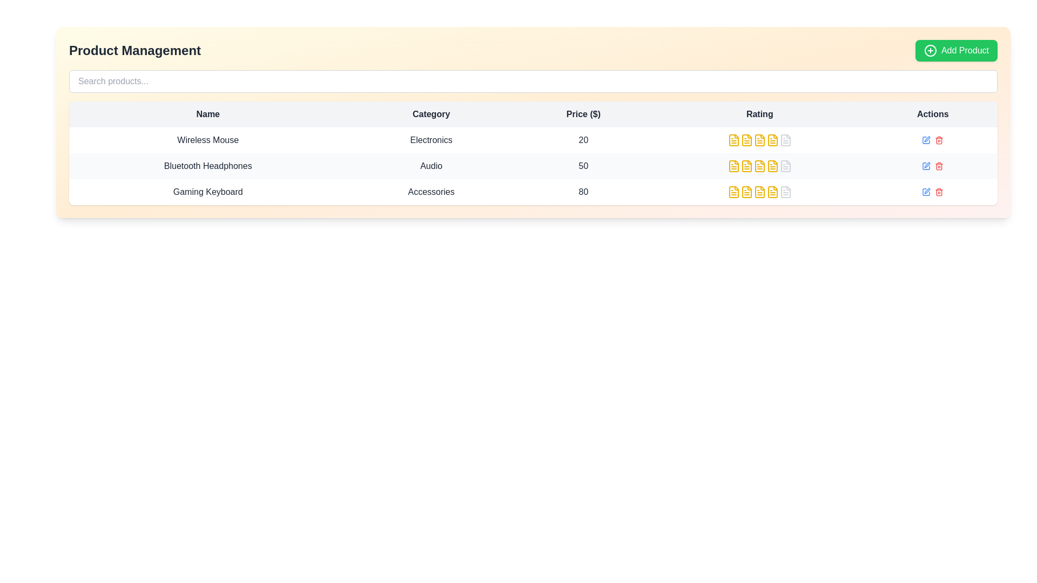 Image resolution: width=1037 pixels, height=583 pixels. Describe the element at coordinates (772, 166) in the screenshot. I see `the fourth vector icon in the second row of the table, which represents a rating in the 'Rating' column` at that location.